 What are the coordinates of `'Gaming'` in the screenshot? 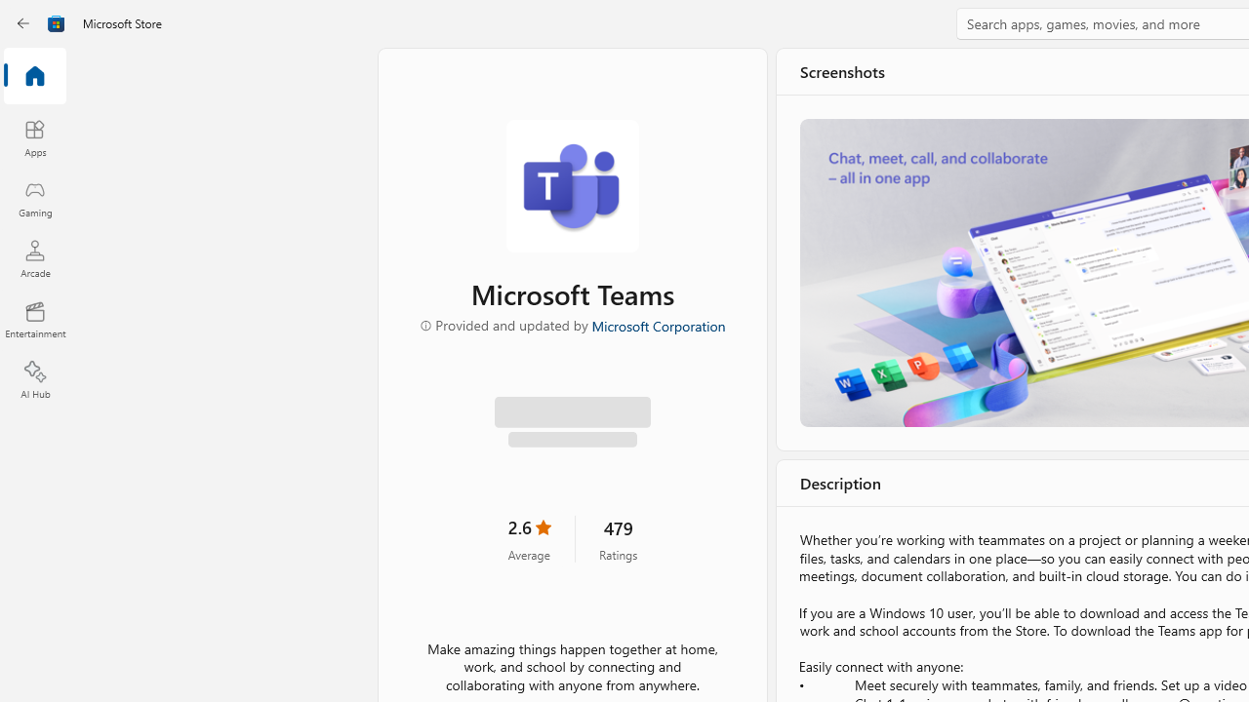 It's located at (34, 198).